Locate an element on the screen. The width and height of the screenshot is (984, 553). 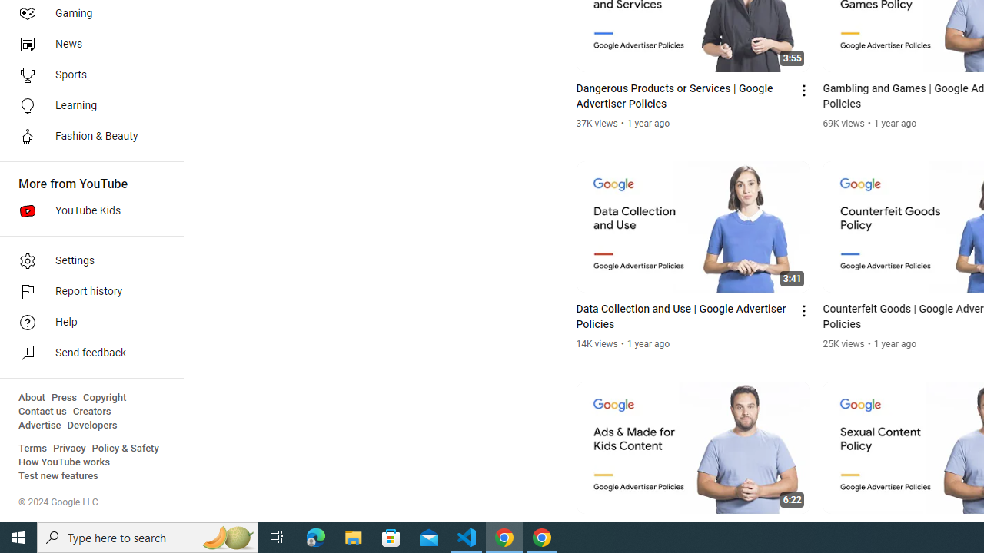
'Sports' is located at coordinates (86, 75).